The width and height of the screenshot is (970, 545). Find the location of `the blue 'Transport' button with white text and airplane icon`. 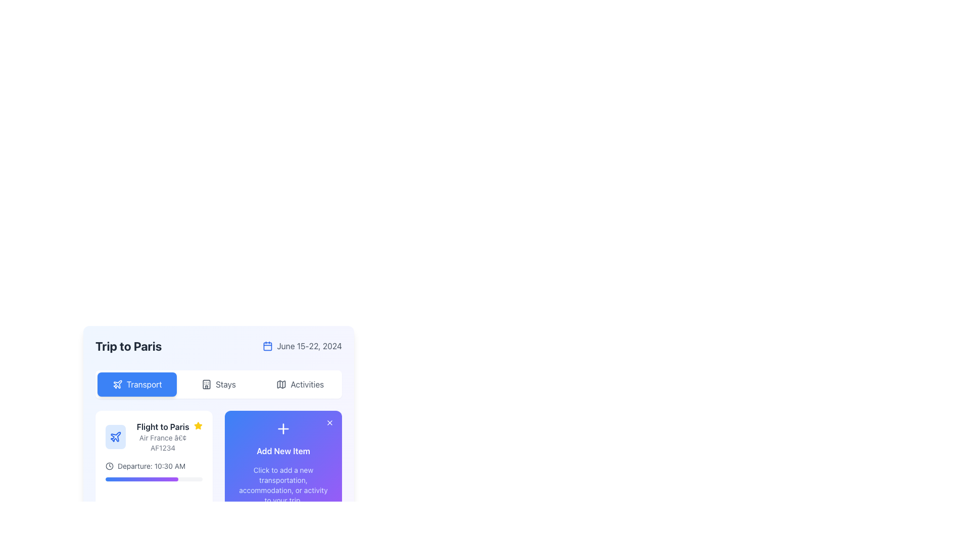

the blue 'Transport' button with white text and airplane icon is located at coordinates (136, 385).